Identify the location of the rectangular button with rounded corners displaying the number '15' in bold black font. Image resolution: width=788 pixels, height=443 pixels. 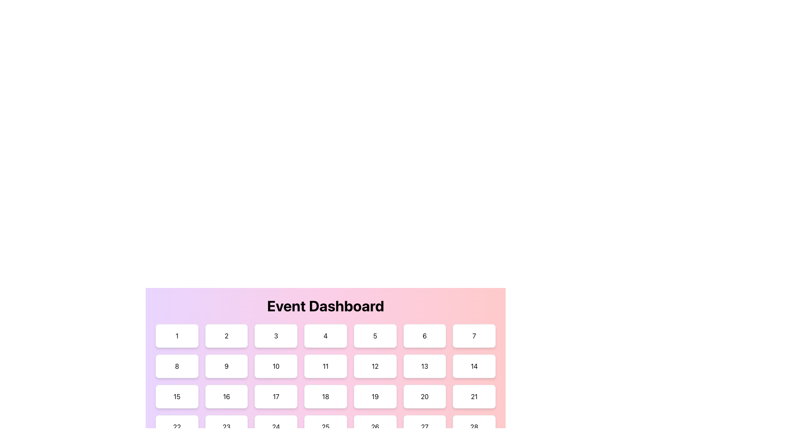
(176, 396).